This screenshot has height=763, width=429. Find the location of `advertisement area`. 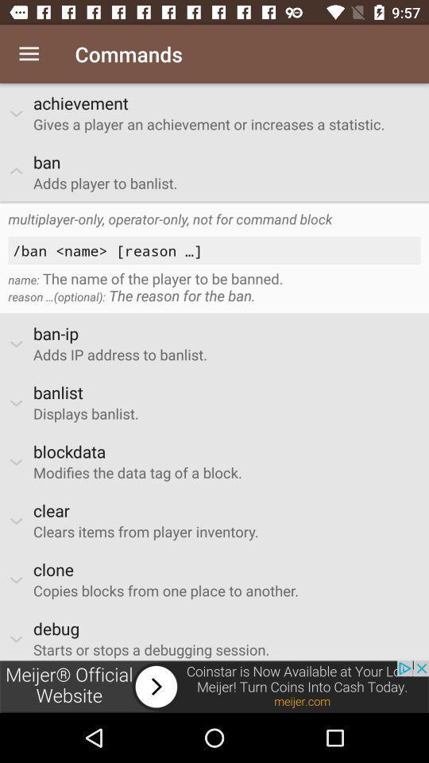

advertisement area is located at coordinates (214, 686).